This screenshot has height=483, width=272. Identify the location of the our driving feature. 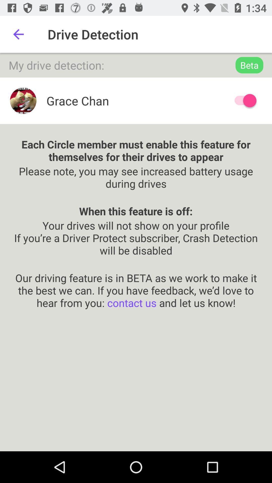
(136, 284).